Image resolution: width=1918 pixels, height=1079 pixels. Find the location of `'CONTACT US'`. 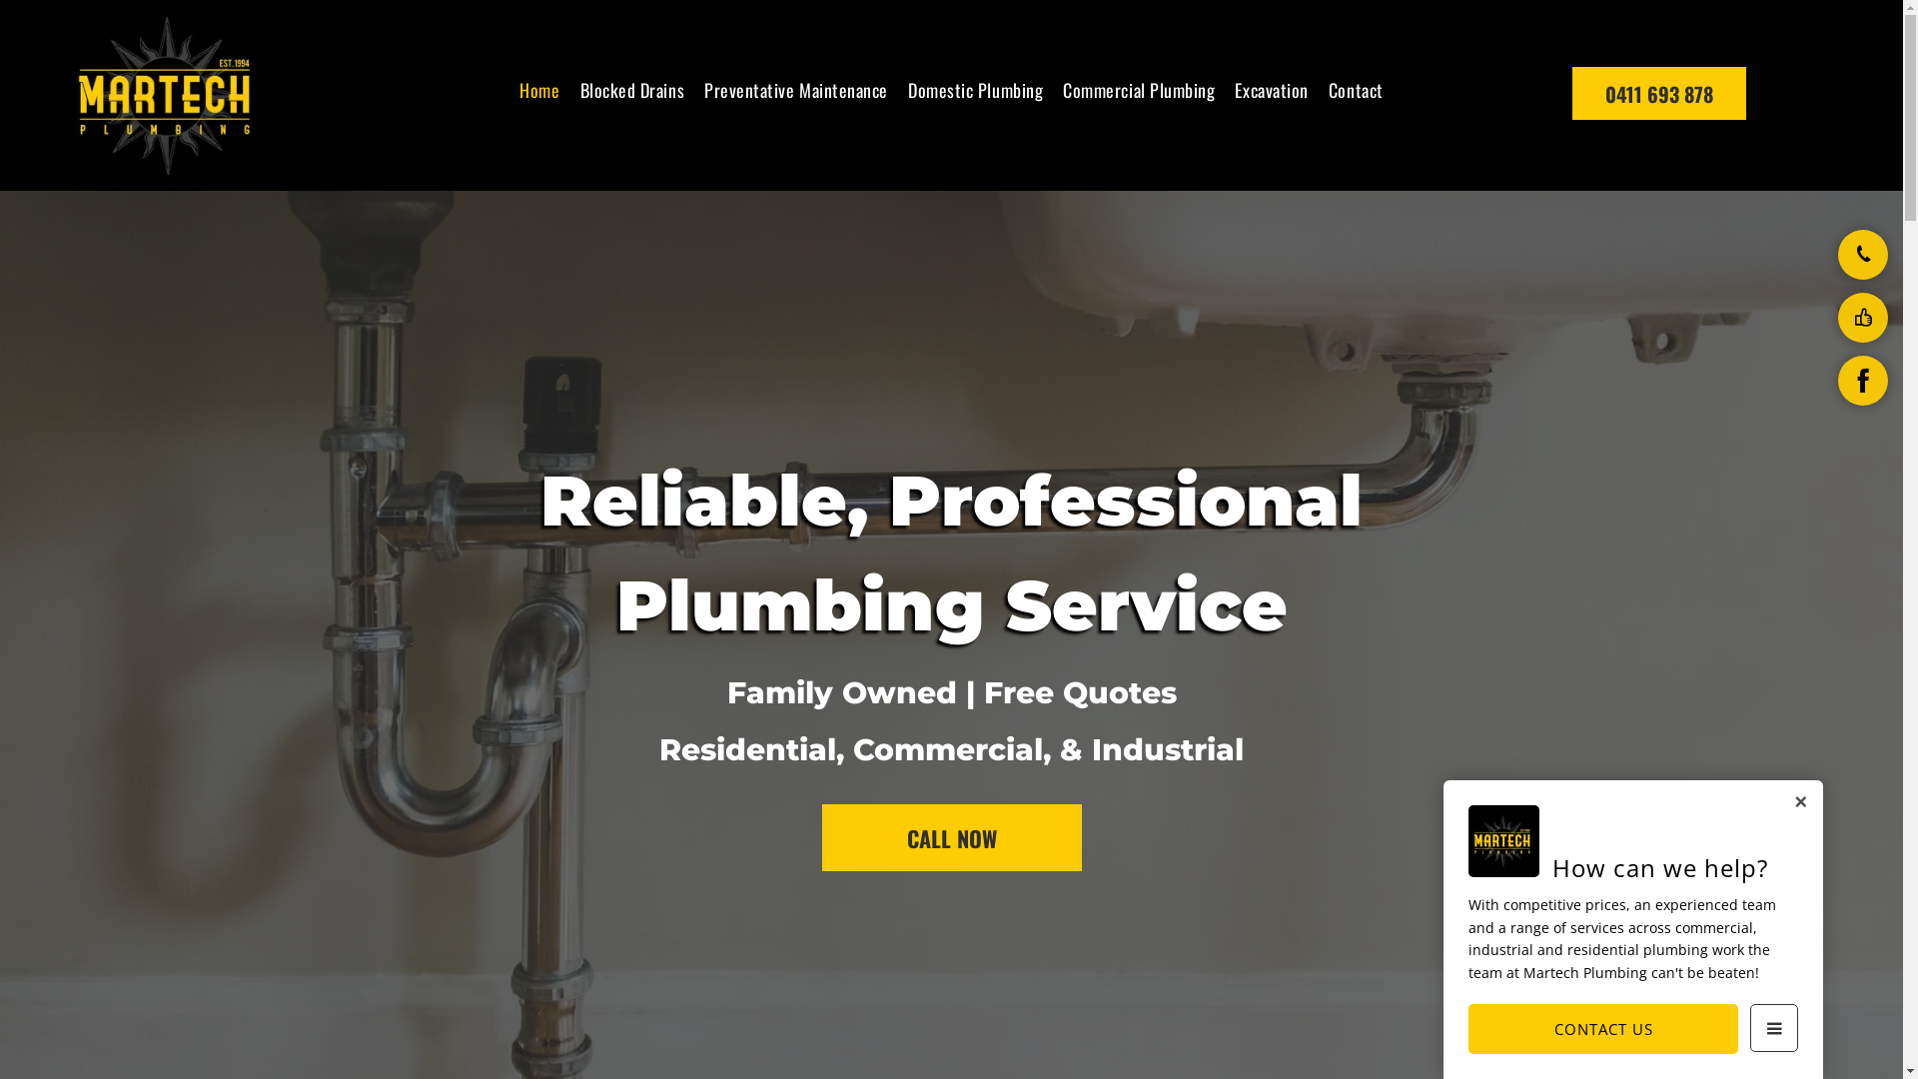

'CONTACT US' is located at coordinates (1602, 1028).